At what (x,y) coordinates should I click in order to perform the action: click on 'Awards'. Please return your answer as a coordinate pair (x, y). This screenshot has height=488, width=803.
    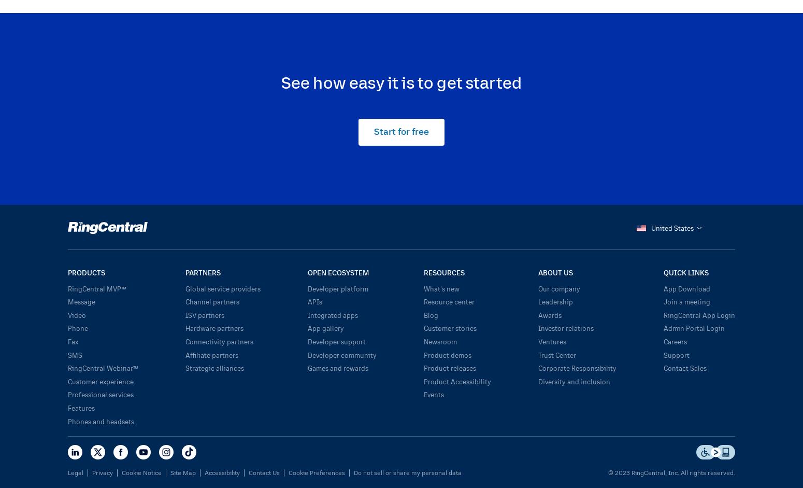
    Looking at the image, I should click on (550, 315).